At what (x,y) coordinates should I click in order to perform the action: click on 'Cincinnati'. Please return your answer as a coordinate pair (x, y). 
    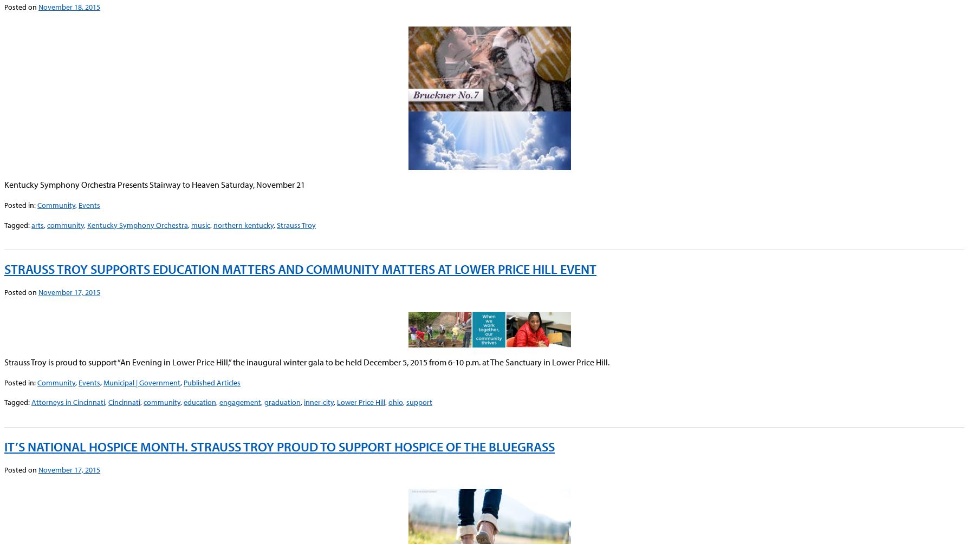
    Looking at the image, I should click on (124, 402).